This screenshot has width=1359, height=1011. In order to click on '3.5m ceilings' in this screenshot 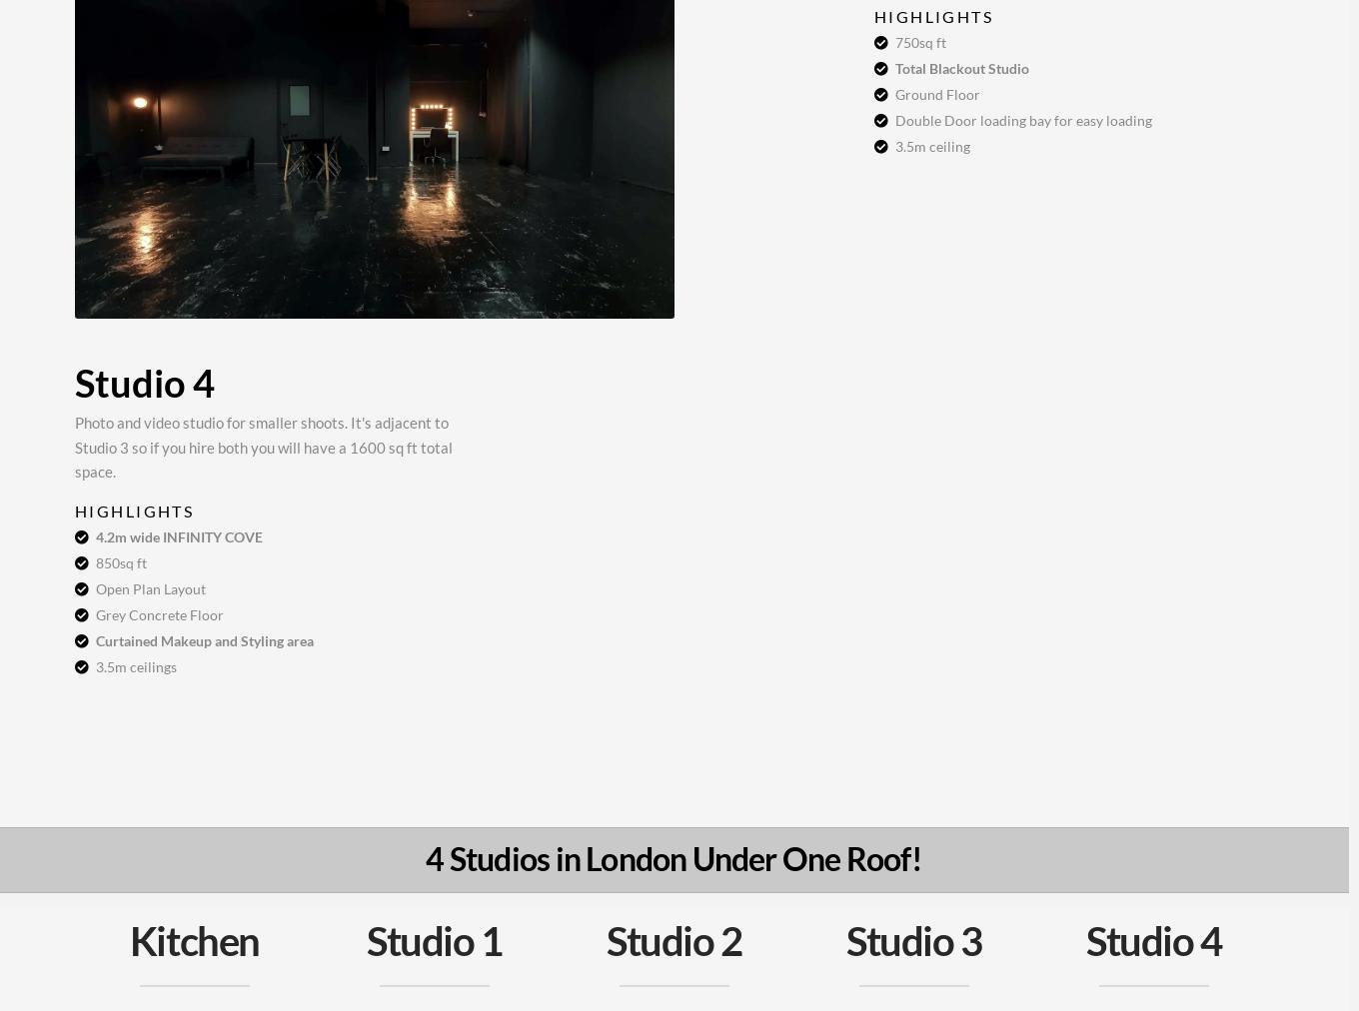, I will do `click(136, 665)`.